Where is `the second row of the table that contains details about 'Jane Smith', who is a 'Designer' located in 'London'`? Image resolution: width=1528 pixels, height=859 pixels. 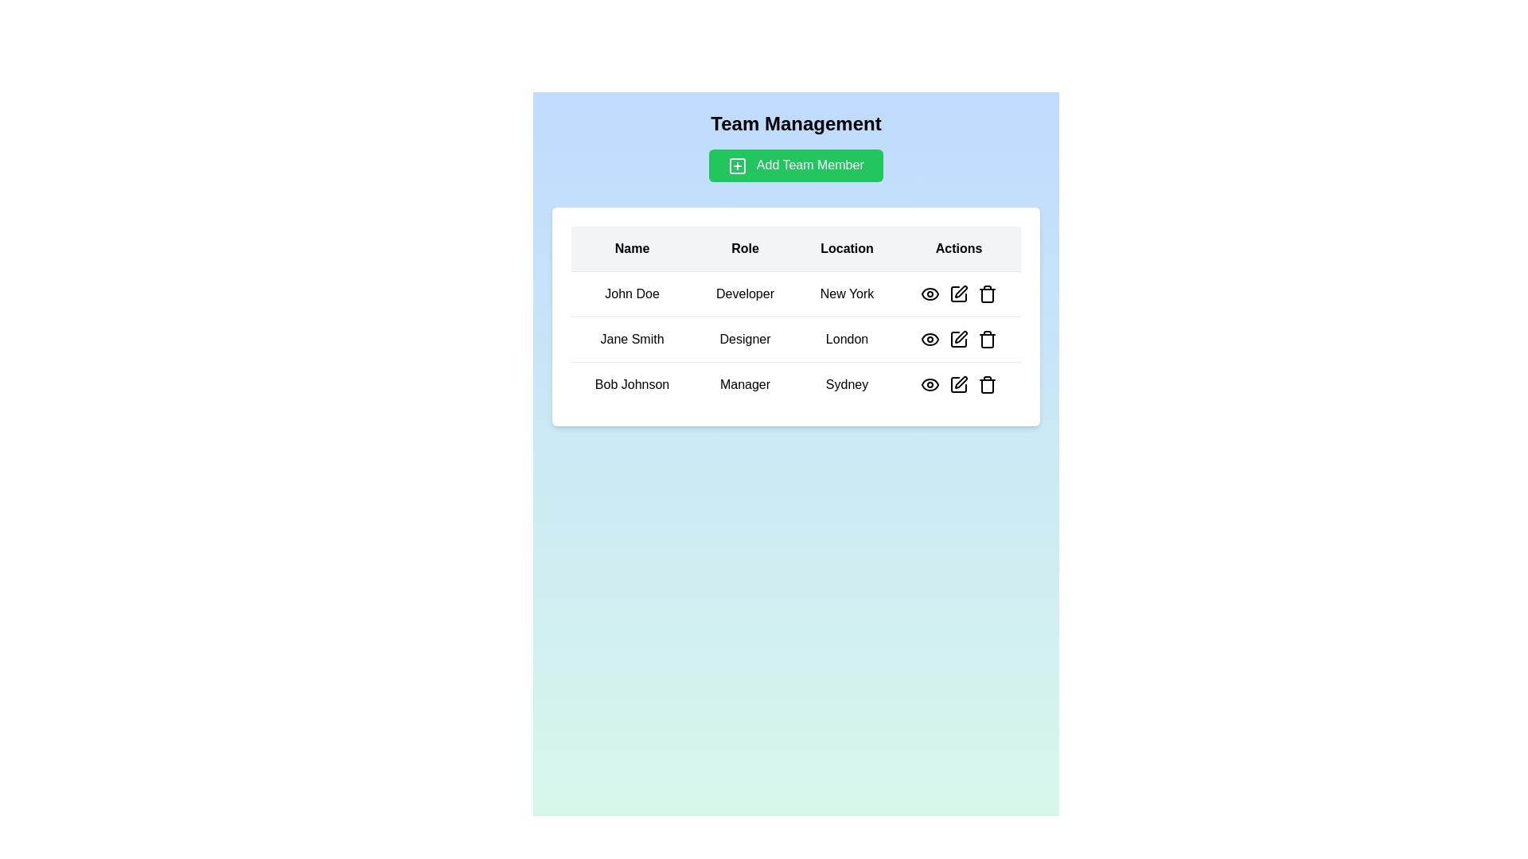
the second row of the table that contains details about 'Jane Smith', who is a 'Designer' located in 'London' is located at coordinates (796, 338).